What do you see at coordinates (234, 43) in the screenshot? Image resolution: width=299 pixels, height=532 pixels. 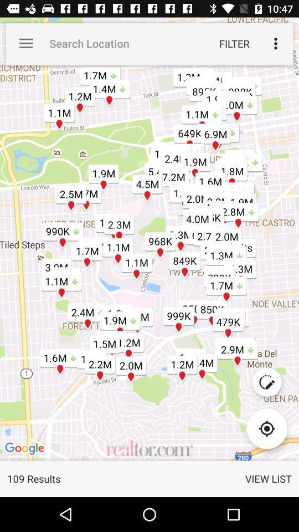 I see `filter` at bounding box center [234, 43].